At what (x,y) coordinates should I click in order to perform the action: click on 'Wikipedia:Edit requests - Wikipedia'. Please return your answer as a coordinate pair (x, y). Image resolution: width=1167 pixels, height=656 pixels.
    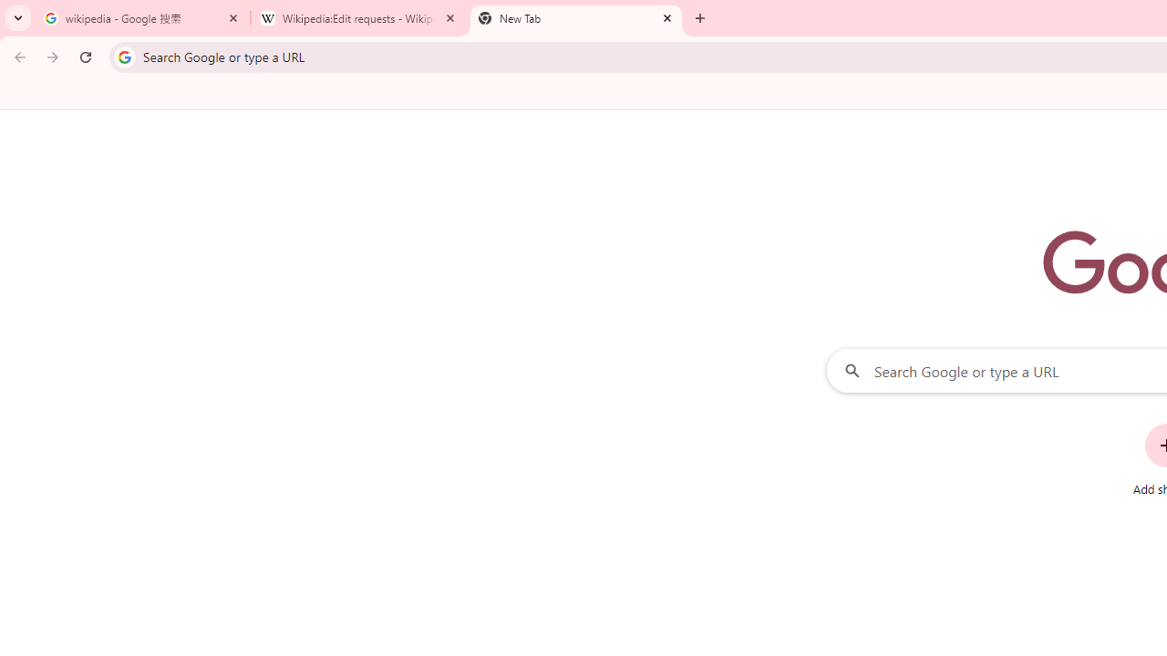
    Looking at the image, I should click on (359, 18).